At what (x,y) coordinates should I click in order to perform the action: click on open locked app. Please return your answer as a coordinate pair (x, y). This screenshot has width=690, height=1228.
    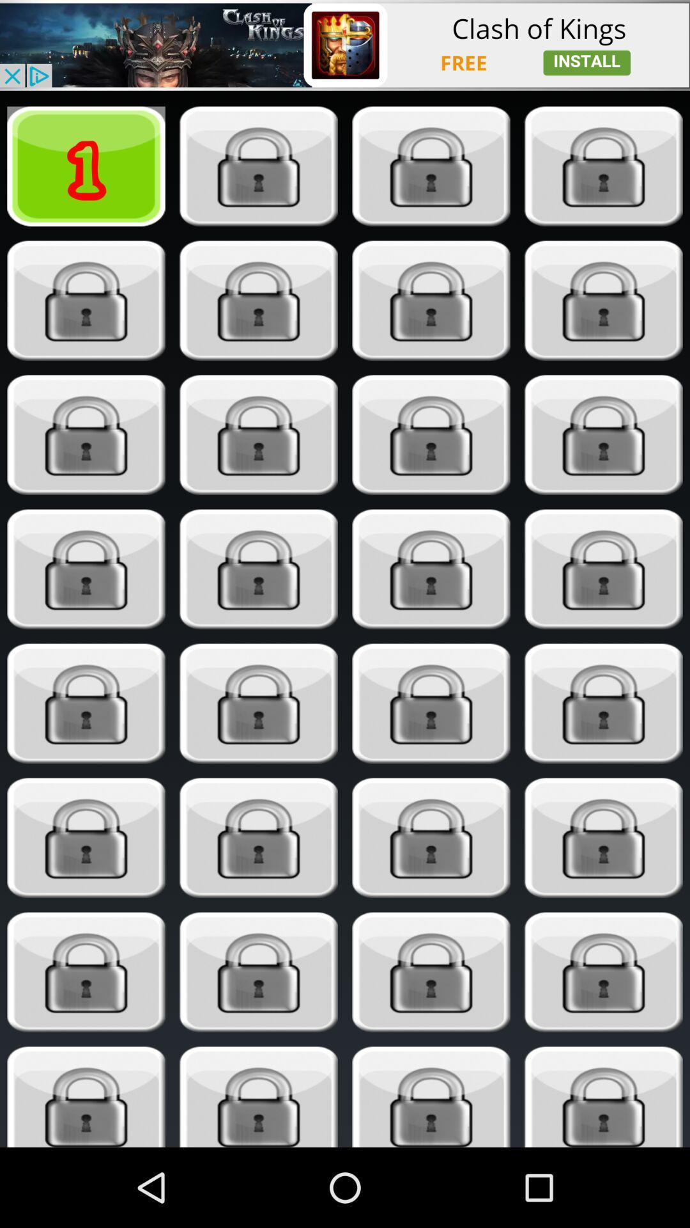
    Looking at the image, I should click on (259, 1096).